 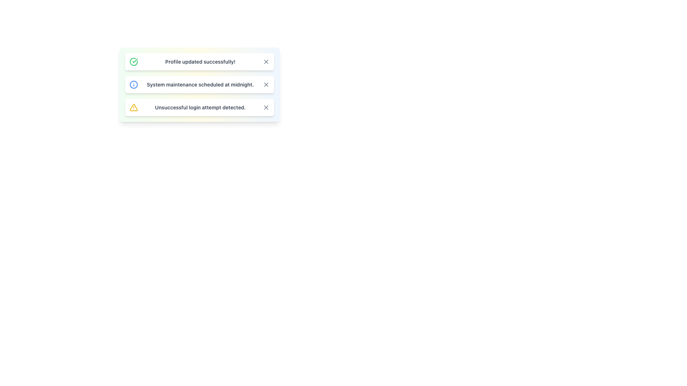 I want to click on the SVG Icon located on the left side of the second notification card, which indicates an informational message related to 'System maintenance scheduled at midnight.', so click(x=134, y=84).